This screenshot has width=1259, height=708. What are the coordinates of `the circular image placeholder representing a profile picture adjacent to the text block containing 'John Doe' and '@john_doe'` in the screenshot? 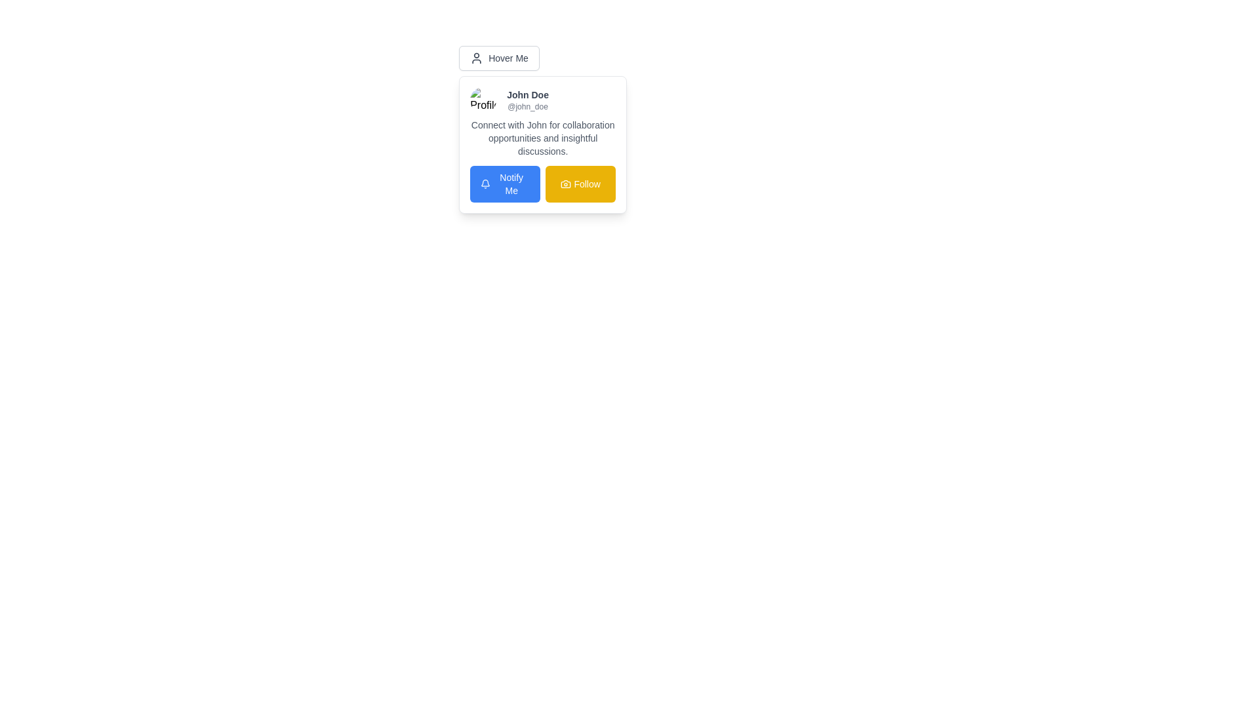 It's located at (483, 100).